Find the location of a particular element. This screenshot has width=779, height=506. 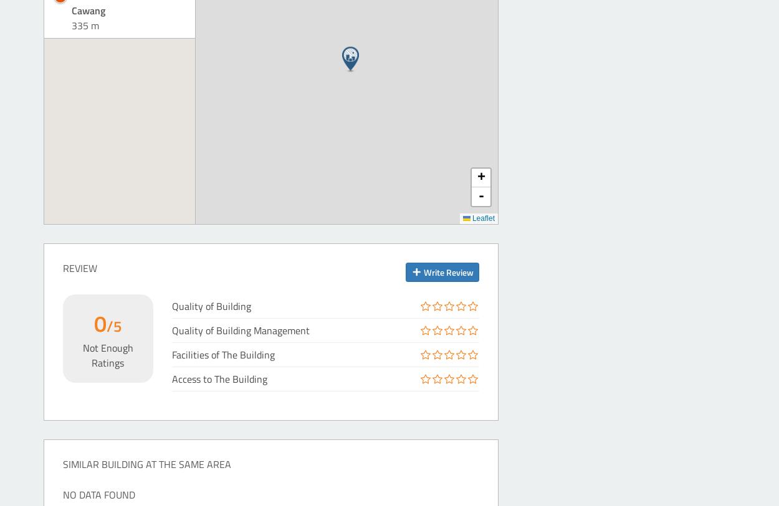

'Facilities of The Building' is located at coordinates (222, 354).